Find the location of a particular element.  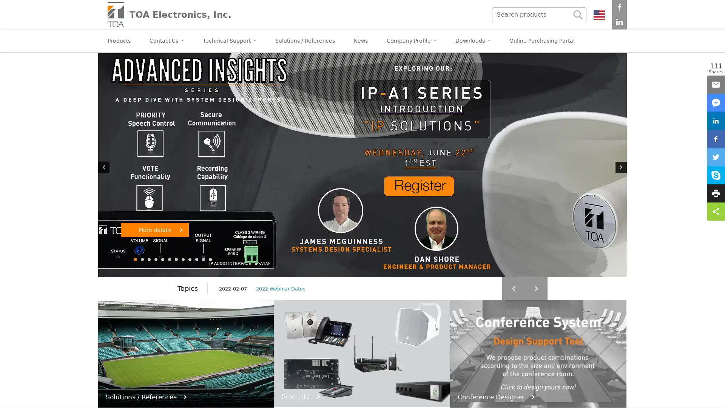

Next is located at coordinates (621, 167).